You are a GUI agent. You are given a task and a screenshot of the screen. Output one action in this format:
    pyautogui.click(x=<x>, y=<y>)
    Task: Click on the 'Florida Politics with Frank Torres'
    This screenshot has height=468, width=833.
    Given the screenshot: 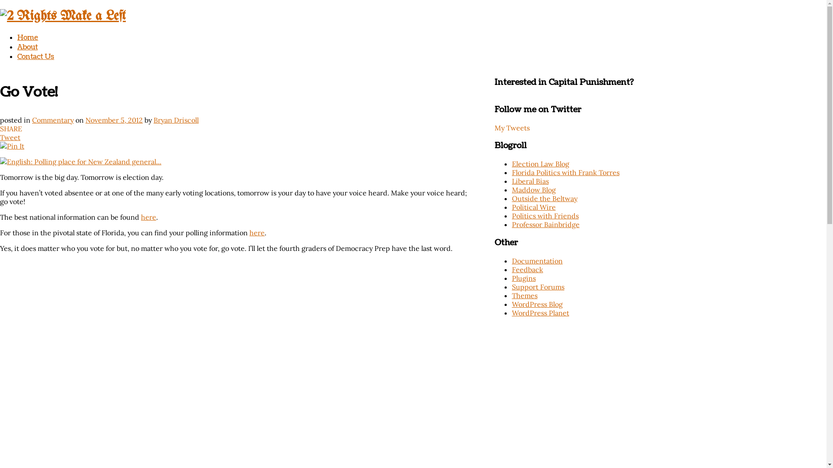 What is the action you would take?
    pyautogui.click(x=566, y=172)
    